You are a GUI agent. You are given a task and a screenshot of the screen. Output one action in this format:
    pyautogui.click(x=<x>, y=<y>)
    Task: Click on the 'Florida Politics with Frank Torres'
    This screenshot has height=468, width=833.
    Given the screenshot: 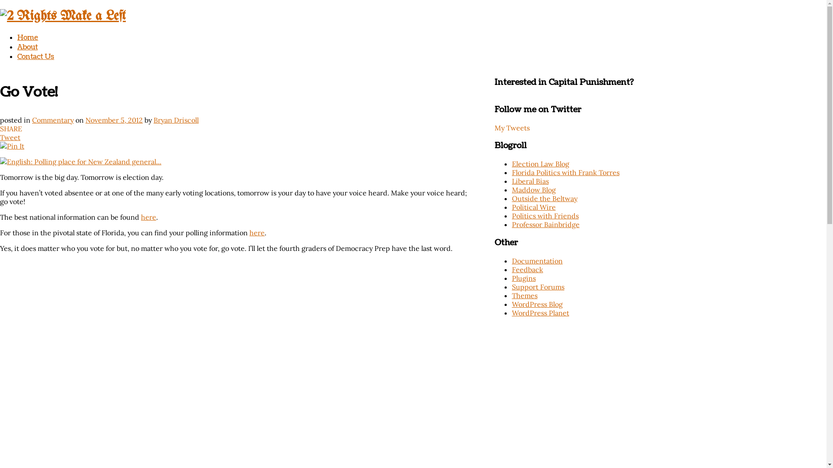 What is the action you would take?
    pyautogui.click(x=566, y=172)
    